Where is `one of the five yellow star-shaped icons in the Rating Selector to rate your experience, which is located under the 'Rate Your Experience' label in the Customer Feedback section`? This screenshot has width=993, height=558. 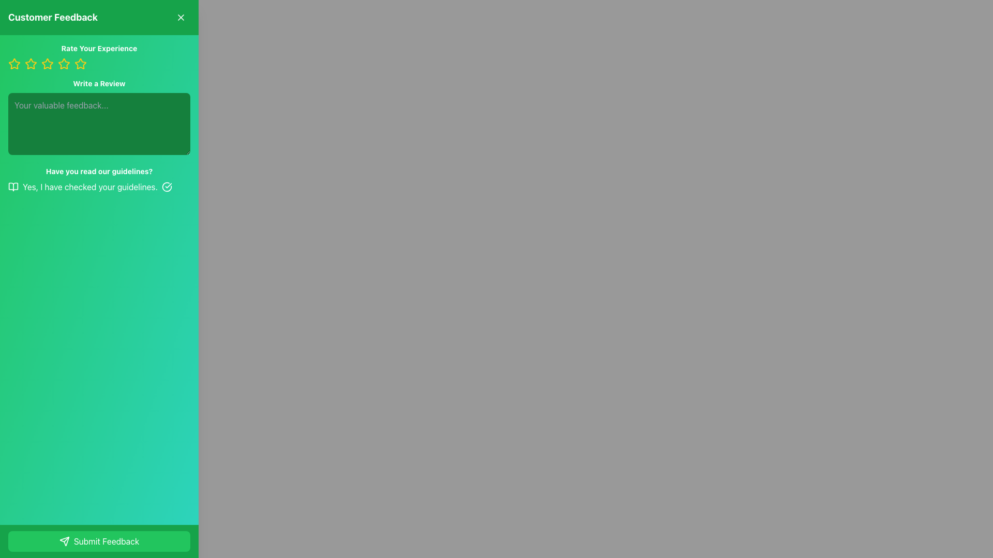 one of the five yellow star-shaped icons in the Rating Selector to rate your experience, which is located under the 'Rate Your Experience' label in the Customer Feedback section is located at coordinates (99, 57).